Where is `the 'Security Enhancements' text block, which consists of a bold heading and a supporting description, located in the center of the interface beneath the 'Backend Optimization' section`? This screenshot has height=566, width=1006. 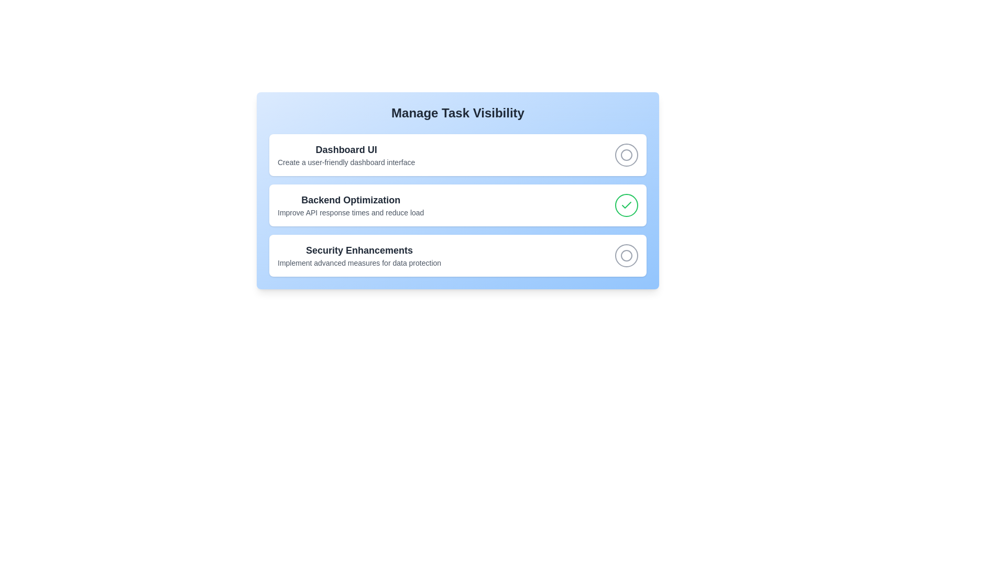
the 'Security Enhancements' text block, which consists of a bold heading and a supporting description, located in the center of the interface beneath the 'Backend Optimization' section is located at coordinates (359, 256).